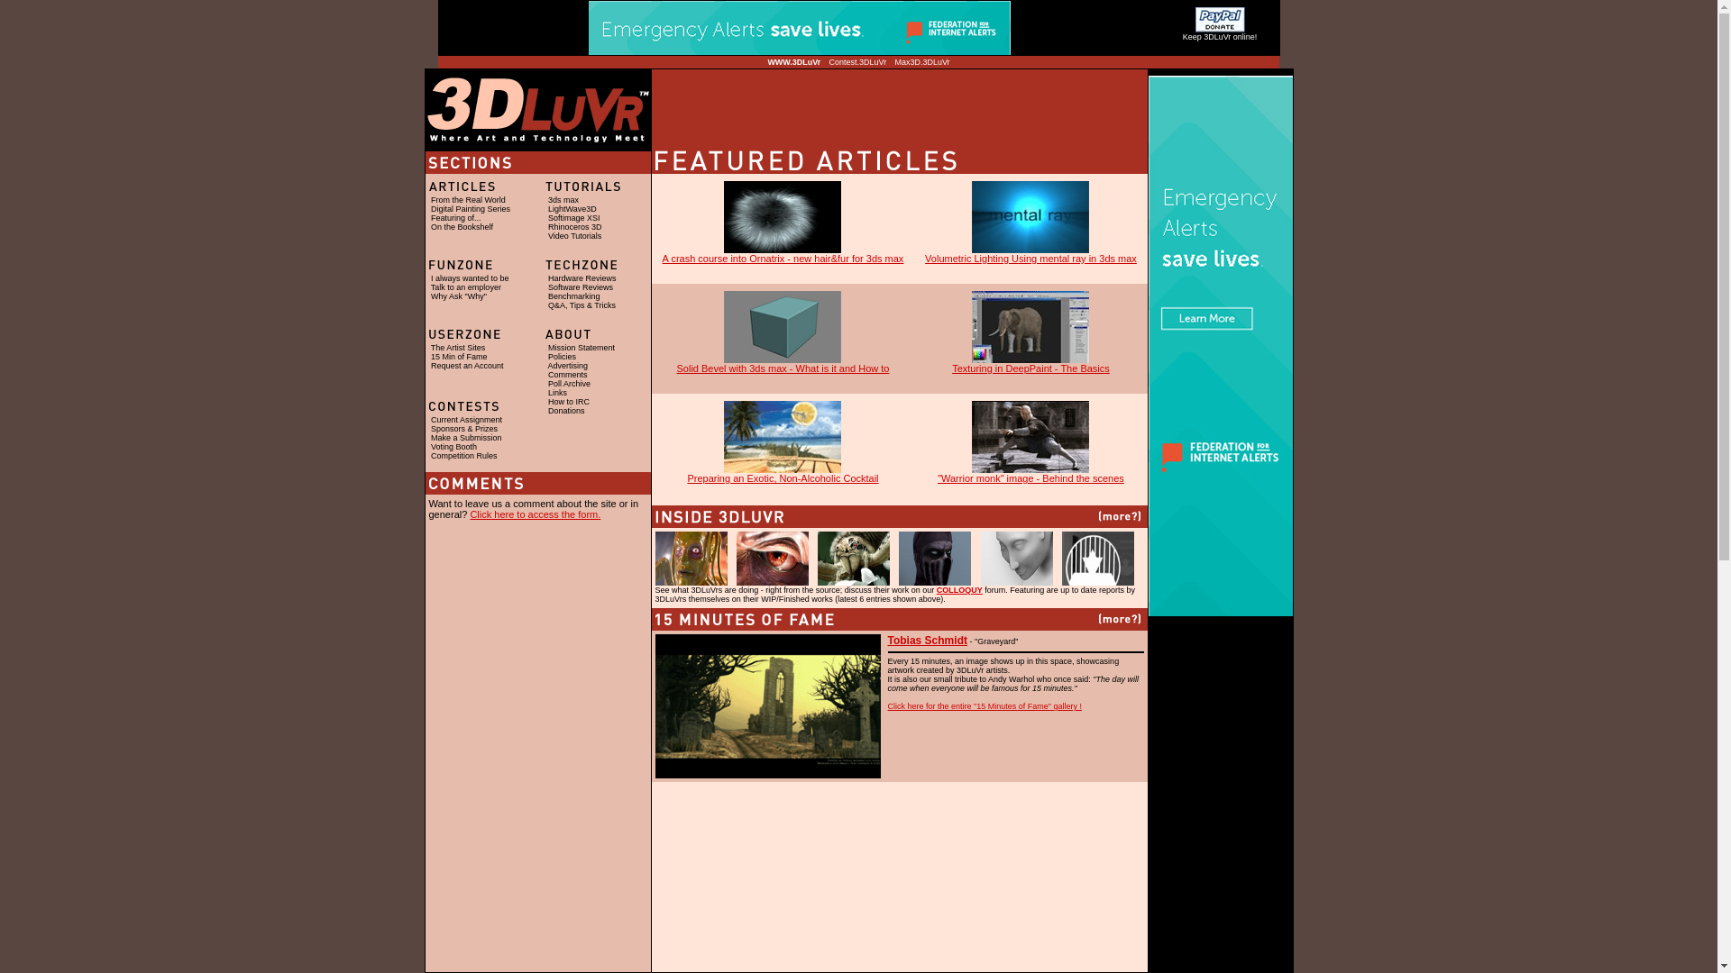  Describe the element at coordinates (568, 382) in the screenshot. I see `'Poll Archive'` at that location.